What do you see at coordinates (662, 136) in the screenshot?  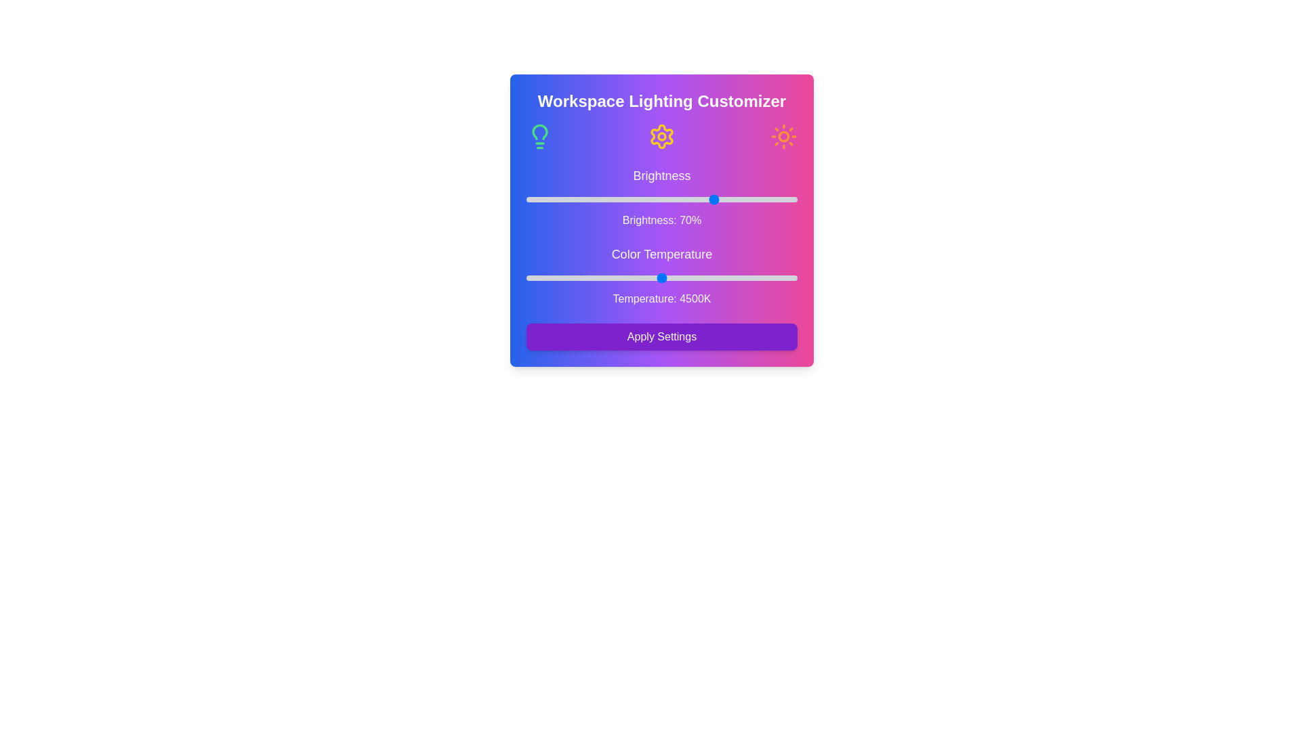 I see `the Settings icon to interact with it` at bounding box center [662, 136].